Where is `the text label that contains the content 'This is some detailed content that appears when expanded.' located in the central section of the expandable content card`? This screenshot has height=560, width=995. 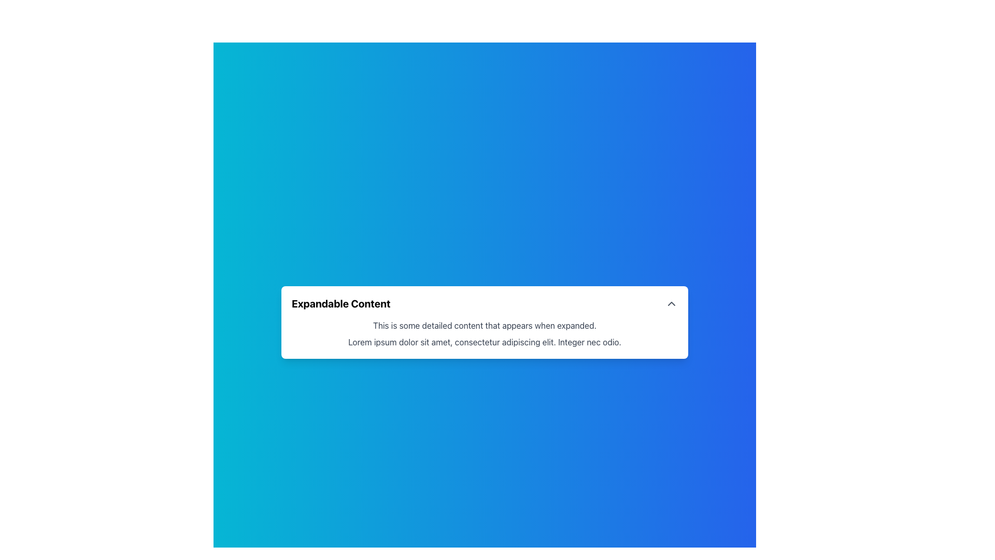
the text label that contains the content 'This is some detailed content that appears when expanded.' located in the central section of the expandable content card is located at coordinates (484, 325).